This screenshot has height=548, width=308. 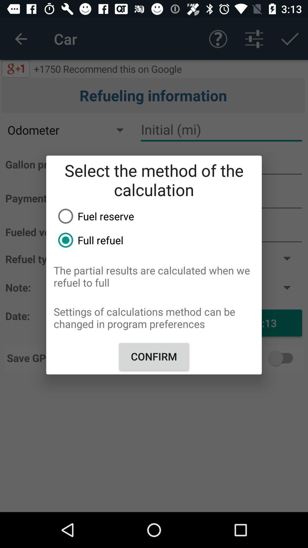 I want to click on the fuel reserve, so click(x=158, y=216).